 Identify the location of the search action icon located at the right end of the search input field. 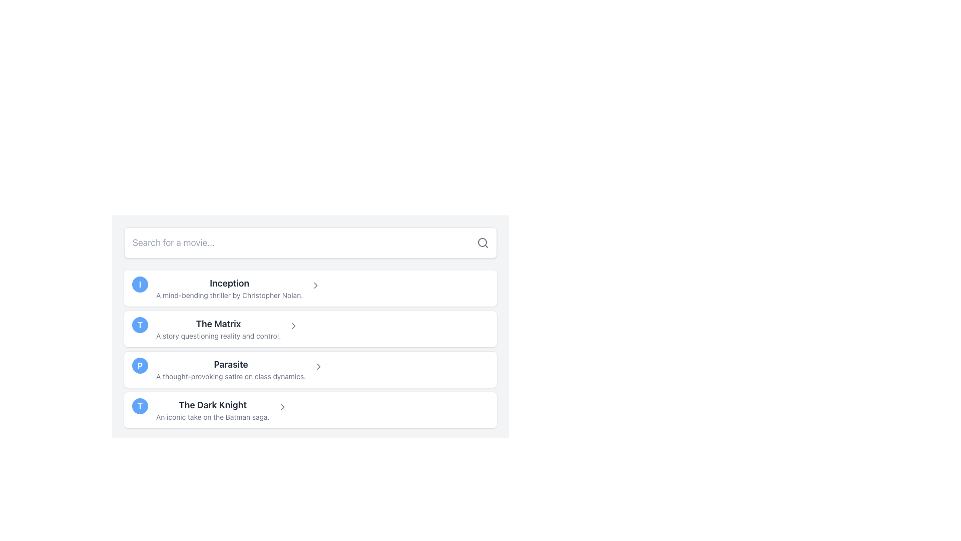
(483, 243).